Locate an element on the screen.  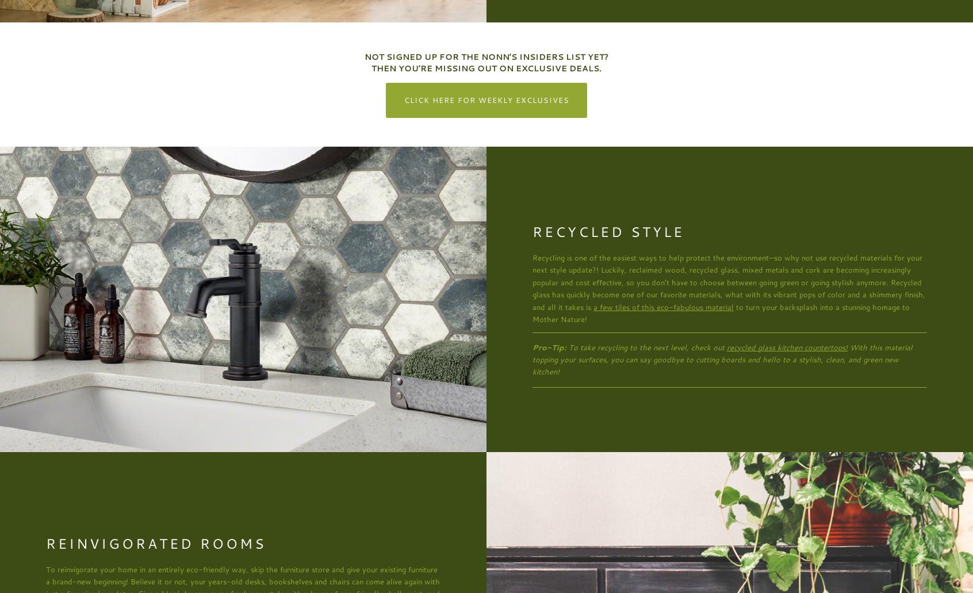
'recycled glass kitchen countertops!' is located at coordinates (787, 346).